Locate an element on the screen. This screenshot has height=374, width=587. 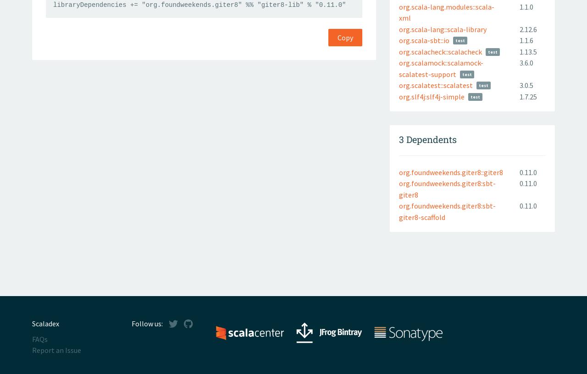
'Follow us:' is located at coordinates (147, 323).